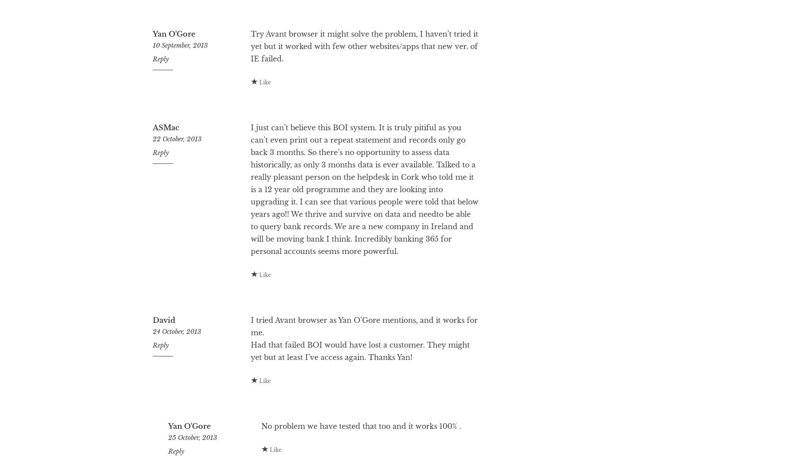  Describe the element at coordinates (177, 174) in the screenshot. I see `'22 October, 2013'` at that location.